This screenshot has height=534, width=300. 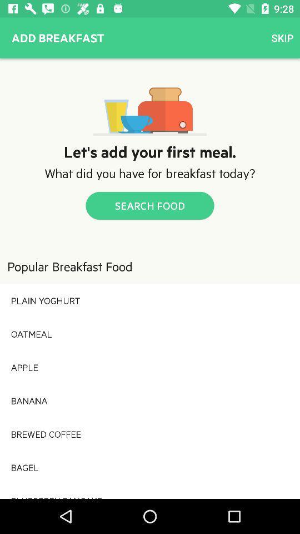 What do you see at coordinates (150, 433) in the screenshot?
I see `the brewed coffee` at bounding box center [150, 433].